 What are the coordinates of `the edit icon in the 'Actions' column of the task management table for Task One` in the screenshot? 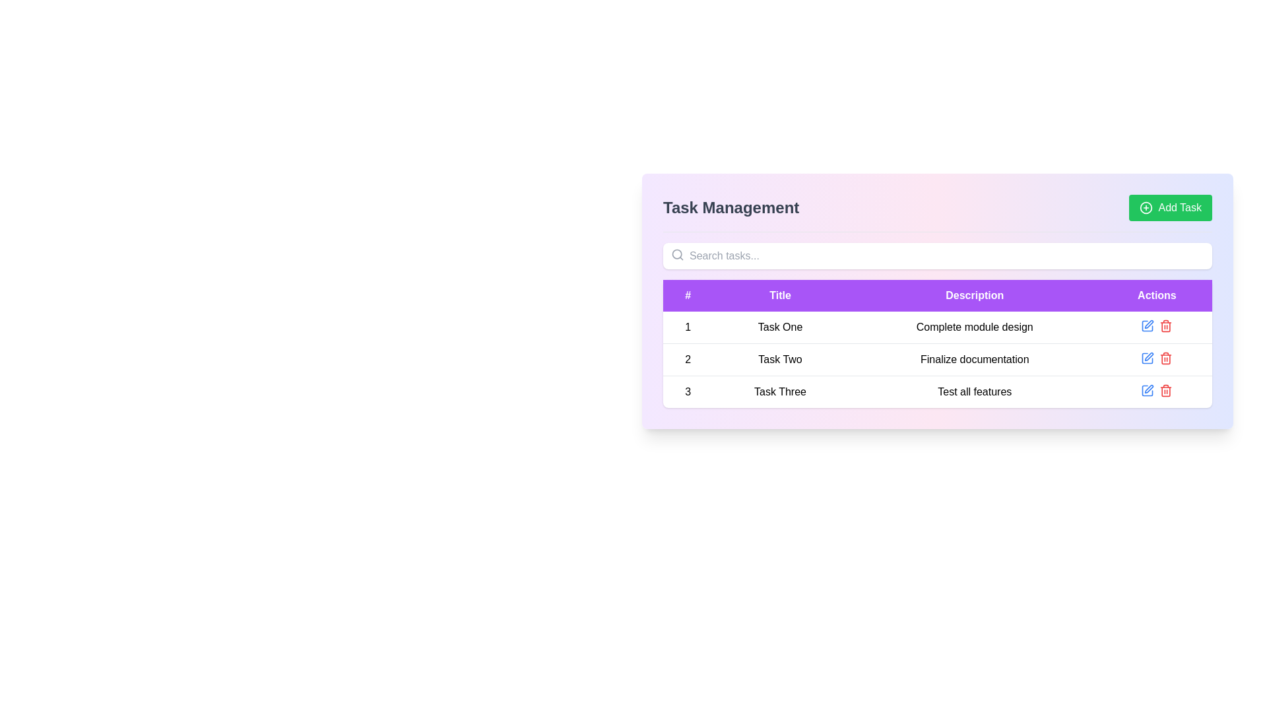 It's located at (1149, 324).